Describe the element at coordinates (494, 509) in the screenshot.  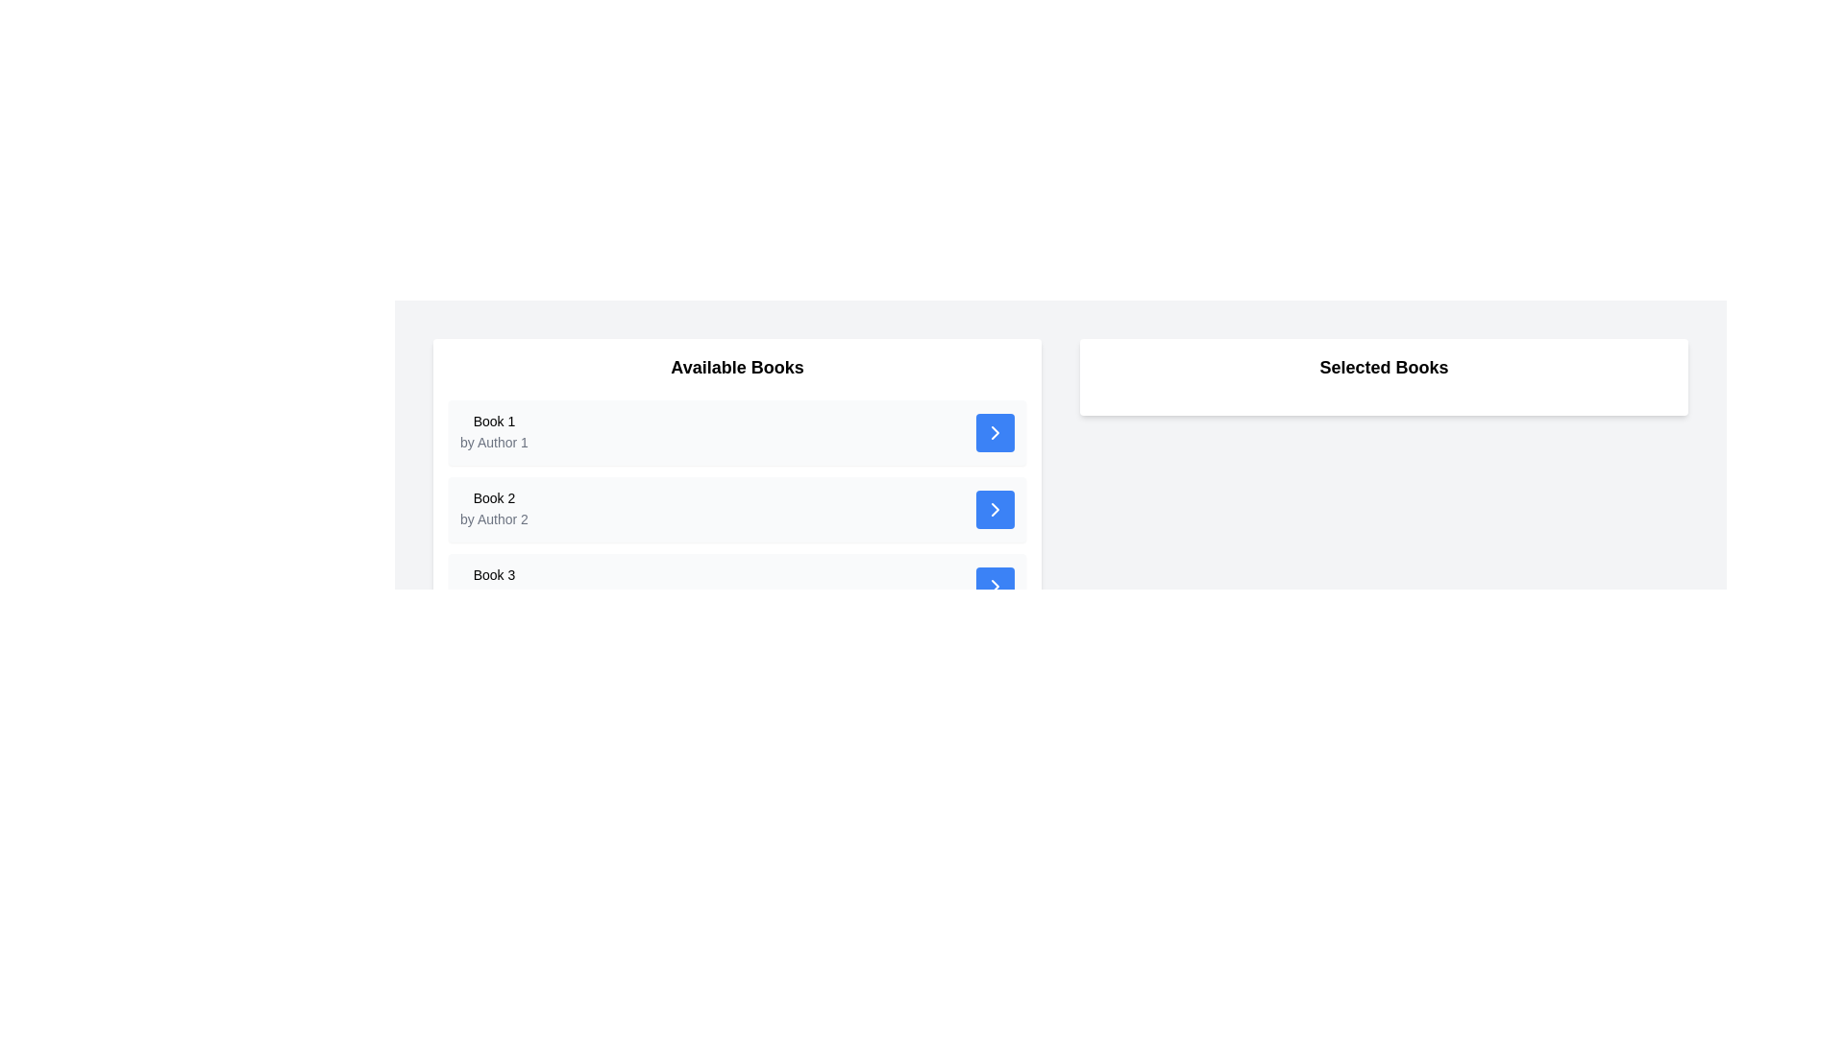
I see `the text label pair displaying 'Book 2' and 'by Author 2', which is the second item in the 'Available Books' section` at that location.